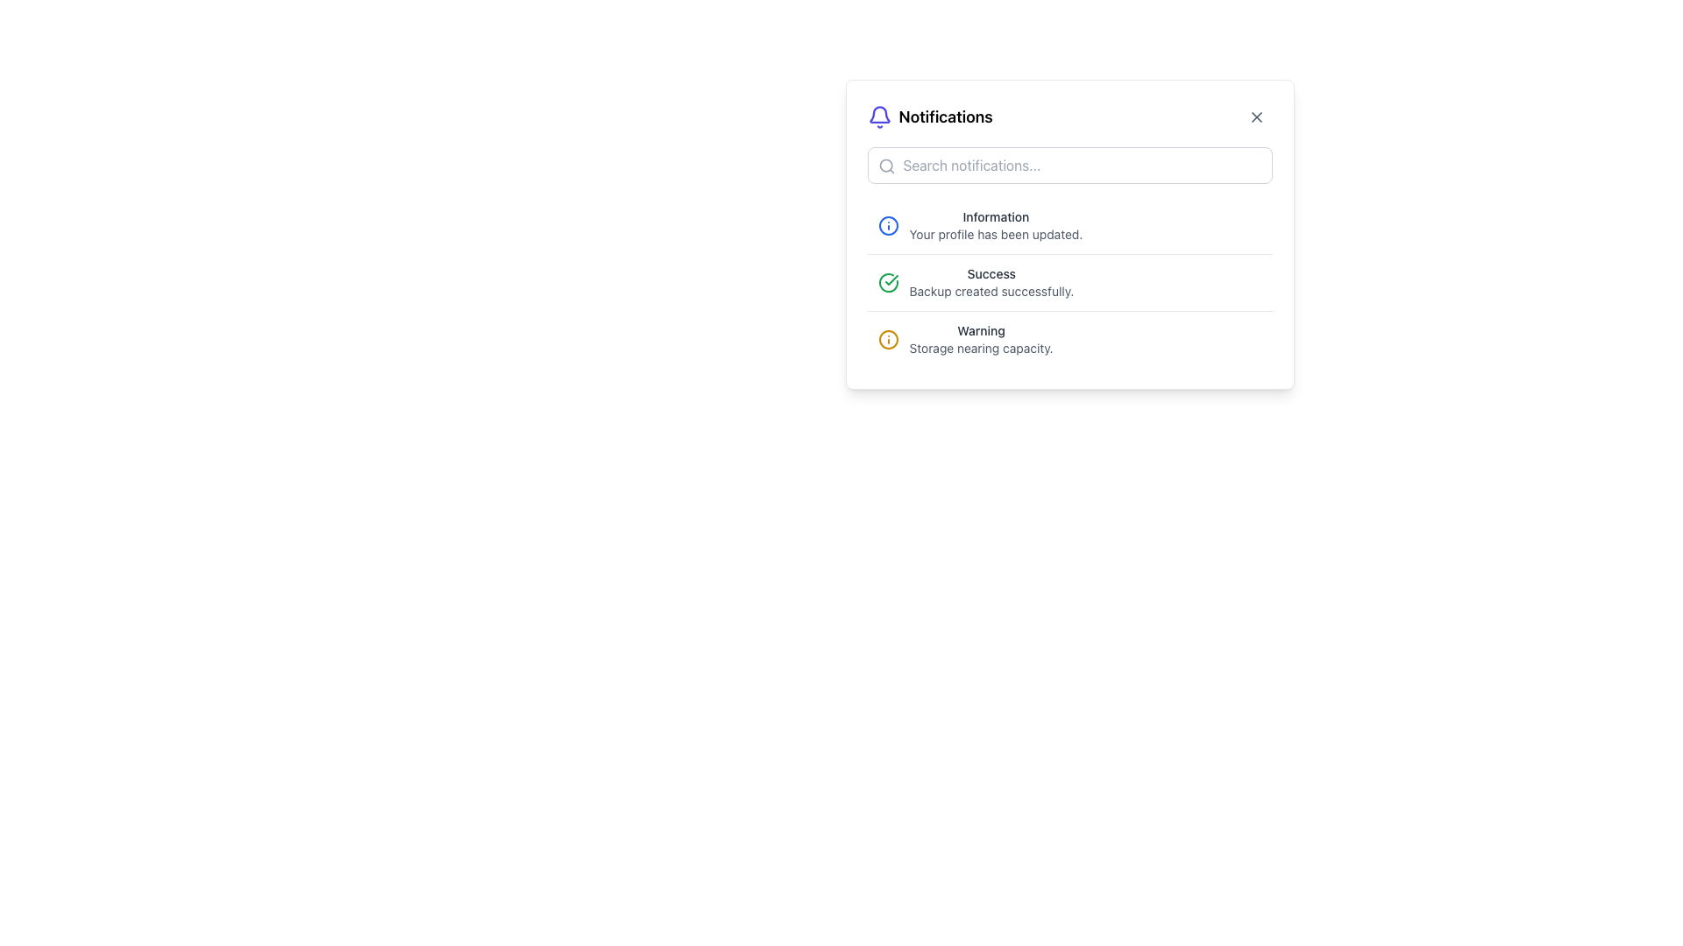 Image resolution: width=1683 pixels, height=946 pixels. Describe the element at coordinates (1255, 117) in the screenshot. I see `the close button located at the upper-right of the Notifications panel` at that location.